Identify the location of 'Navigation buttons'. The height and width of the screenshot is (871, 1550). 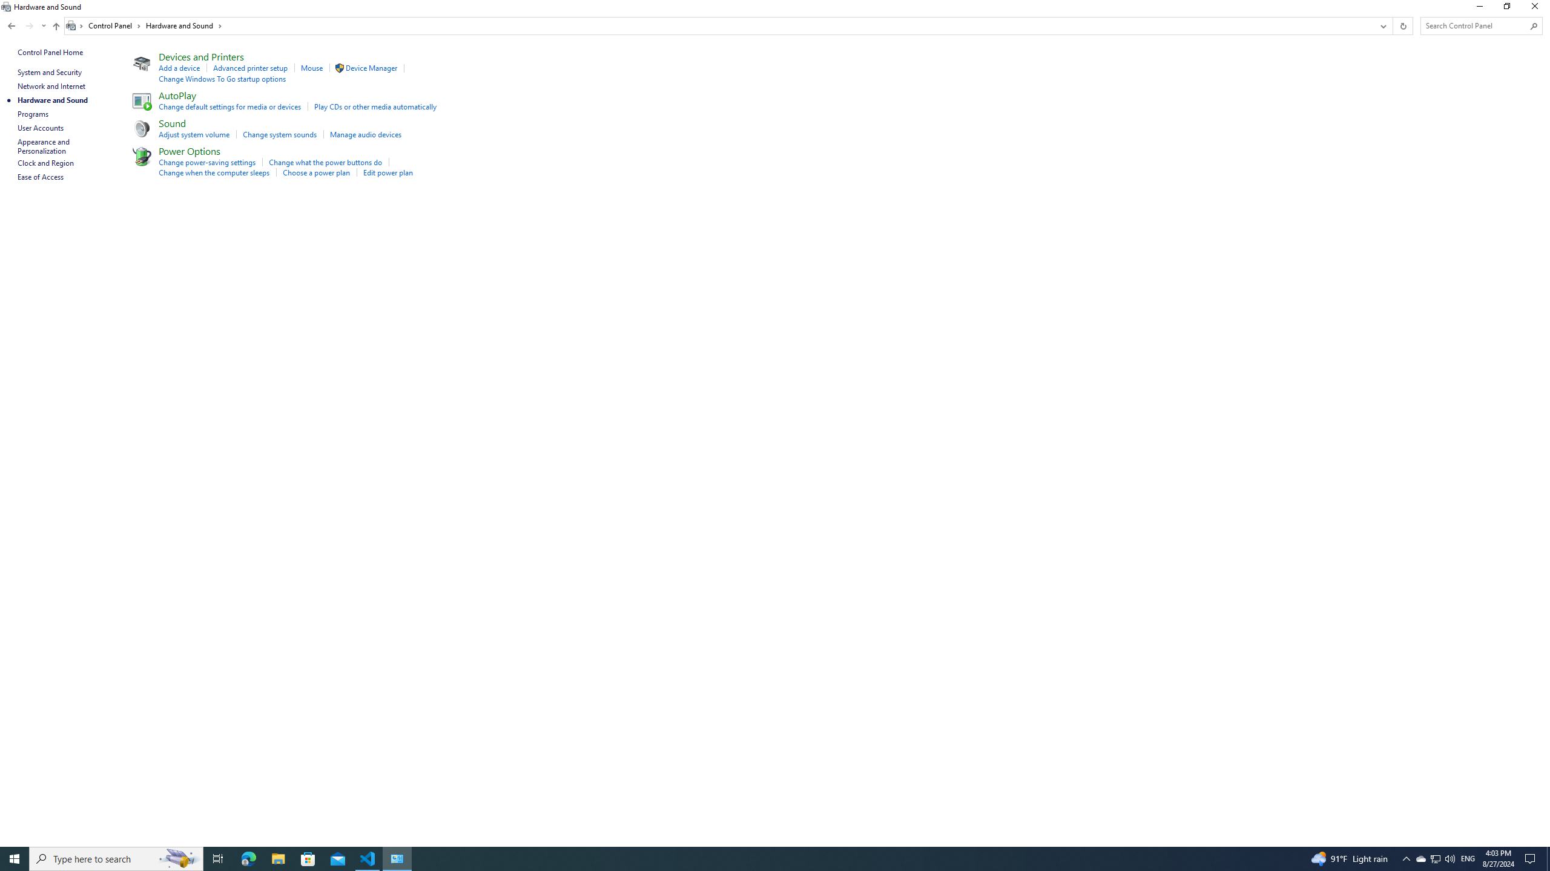
(25, 25).